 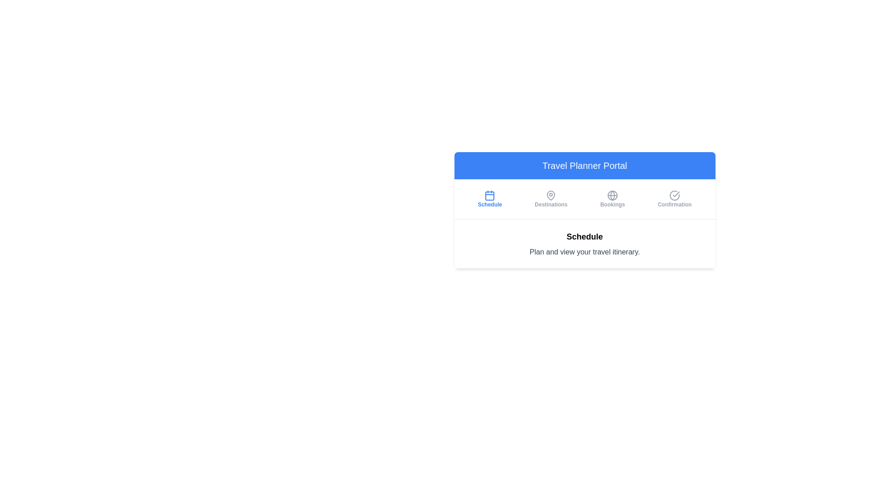 What do you see at coordinates (551, 198) in the screenshot?
I see `the tab labeled Destinations to navigate to its content` at bounding box center [551, 198].